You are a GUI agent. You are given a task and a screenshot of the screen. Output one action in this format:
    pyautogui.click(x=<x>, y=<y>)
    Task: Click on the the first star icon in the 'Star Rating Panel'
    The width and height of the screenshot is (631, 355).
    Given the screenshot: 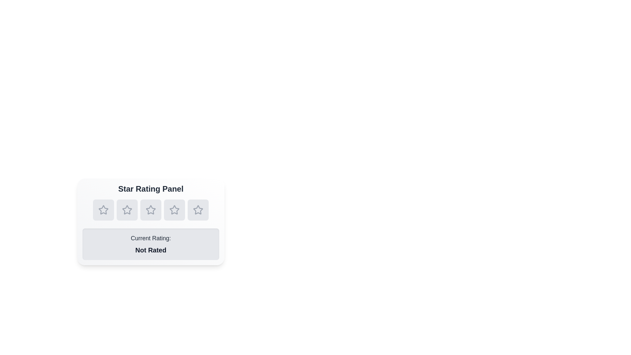 What is the action you would take?
    pyautogui.click(x=103, y=209)
    